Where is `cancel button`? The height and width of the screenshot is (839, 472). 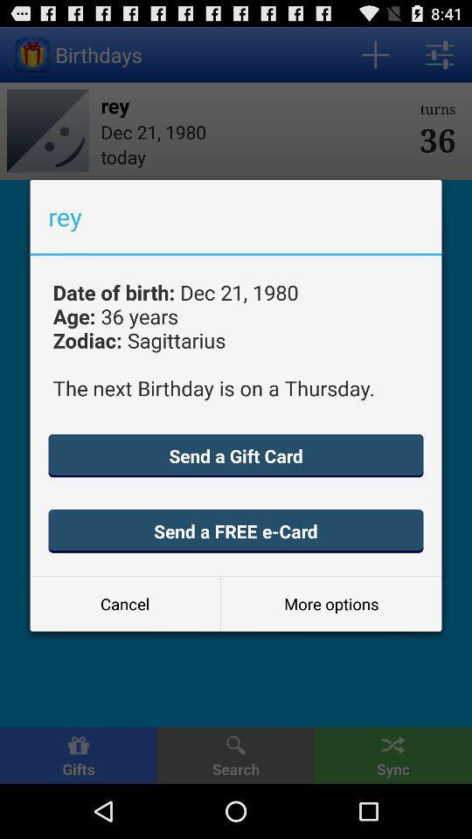
cancel button is located at coordinates (124, 604).